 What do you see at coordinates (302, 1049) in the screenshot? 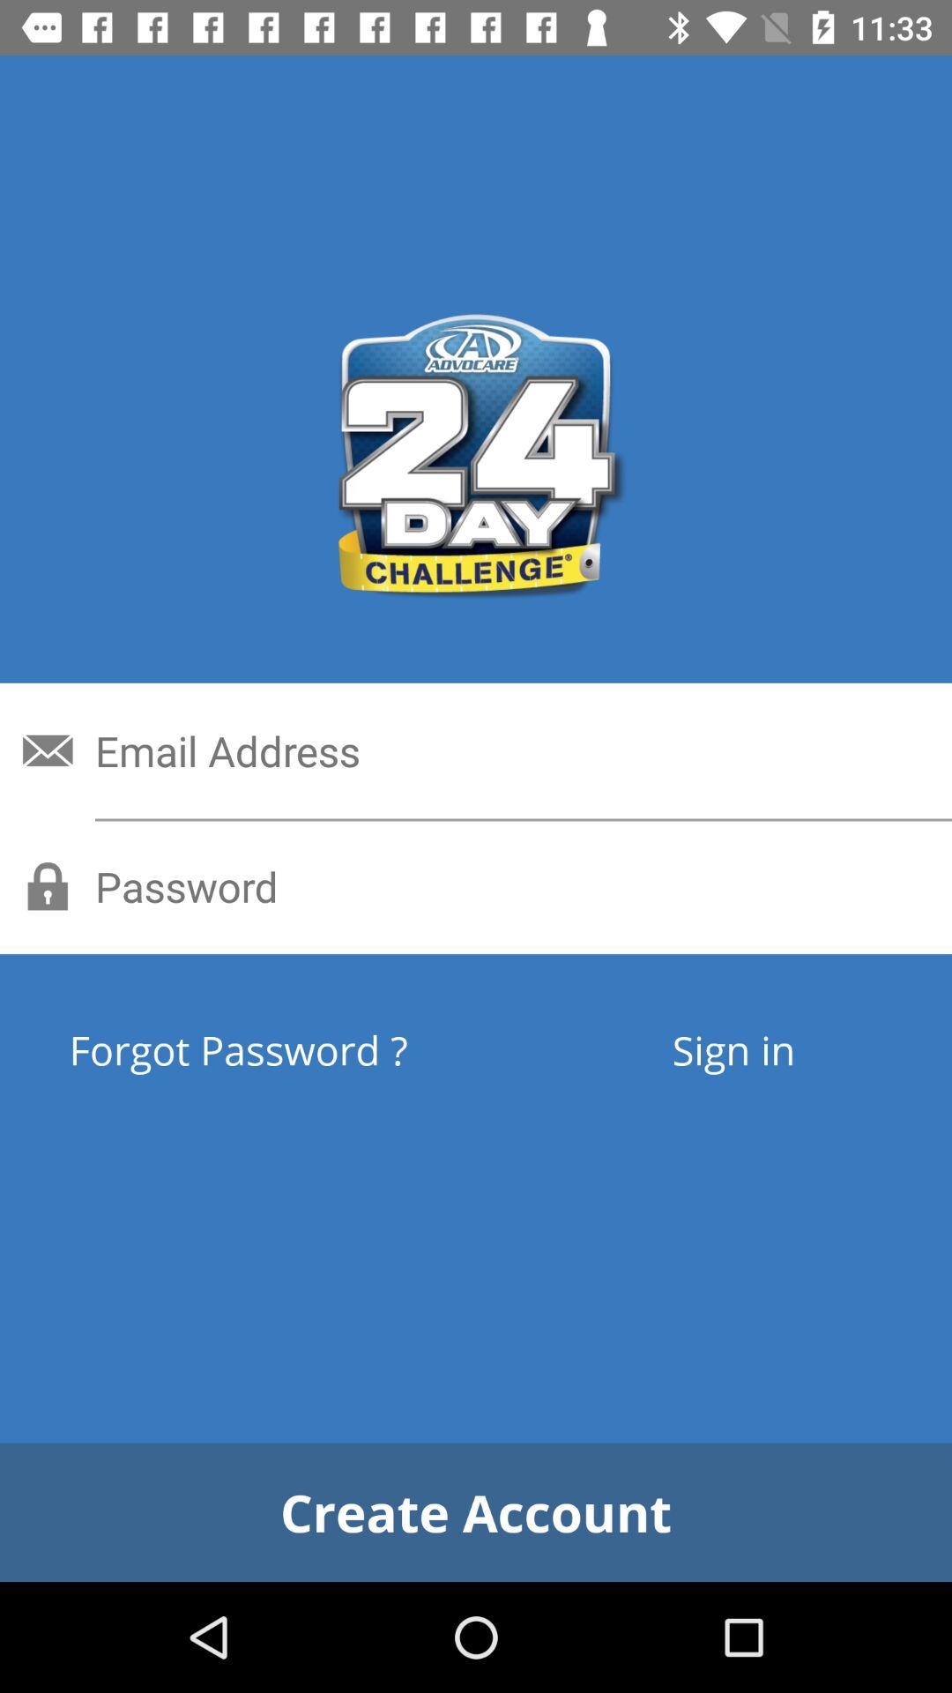
I see `the item above the create account item` at bounding box center [302, 1049].